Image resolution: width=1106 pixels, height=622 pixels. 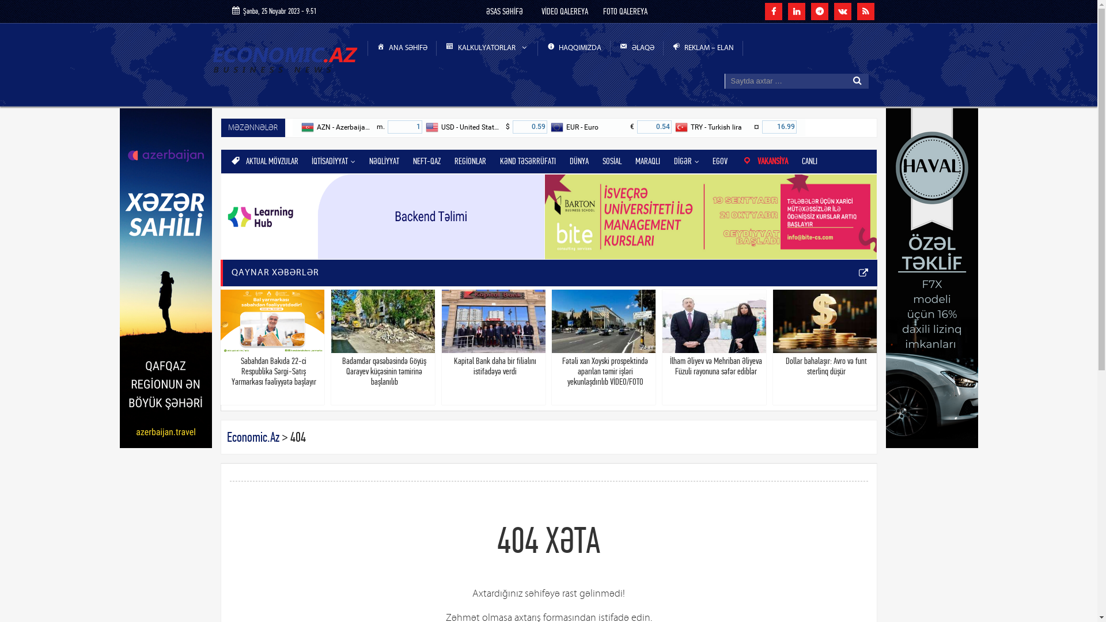 What do you see at coordinates (611, 161) in the screenshot?
I see `'SOSIAL'` at bounding box center [611, 161].